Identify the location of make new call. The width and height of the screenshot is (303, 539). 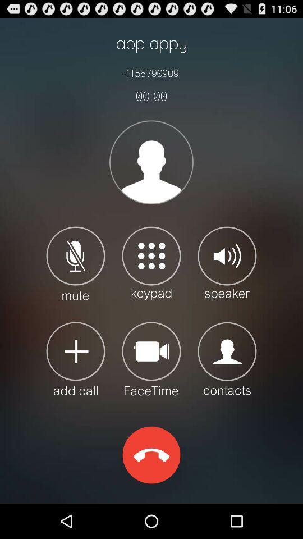
(76, 358).